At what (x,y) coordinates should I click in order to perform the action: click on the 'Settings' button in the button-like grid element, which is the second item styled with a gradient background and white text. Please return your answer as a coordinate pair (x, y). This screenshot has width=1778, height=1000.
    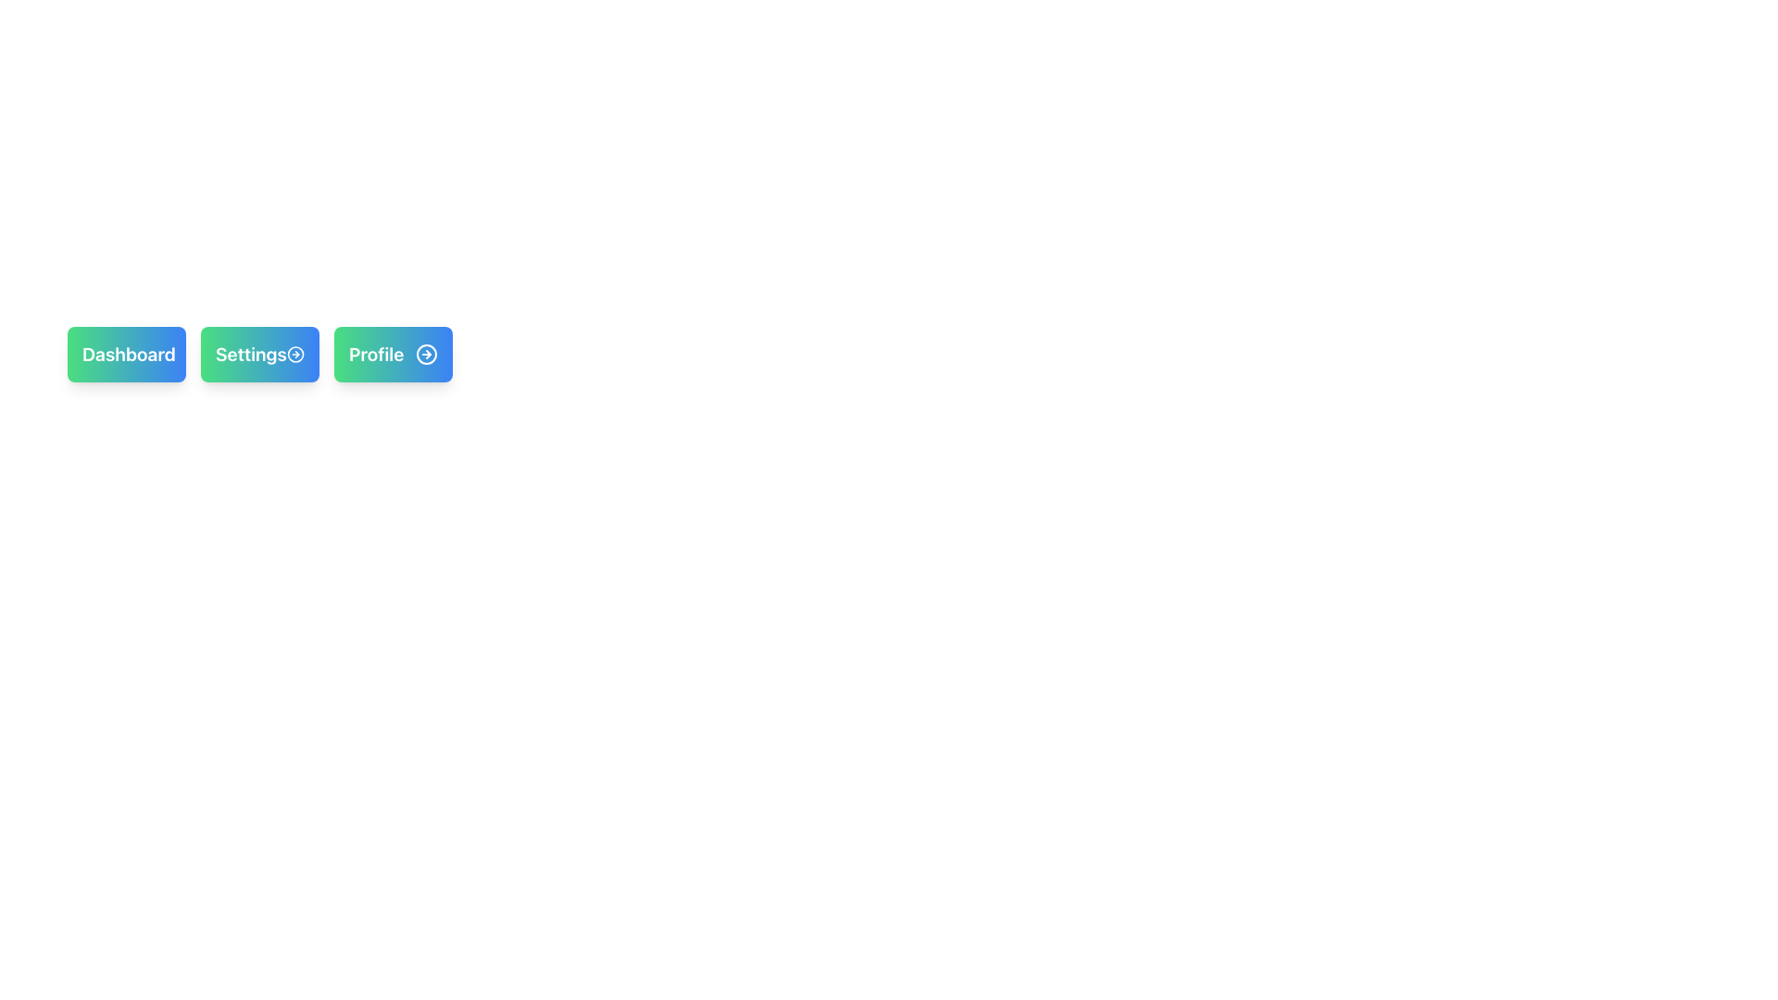
    Looking at the image, I should click on (259, 354).